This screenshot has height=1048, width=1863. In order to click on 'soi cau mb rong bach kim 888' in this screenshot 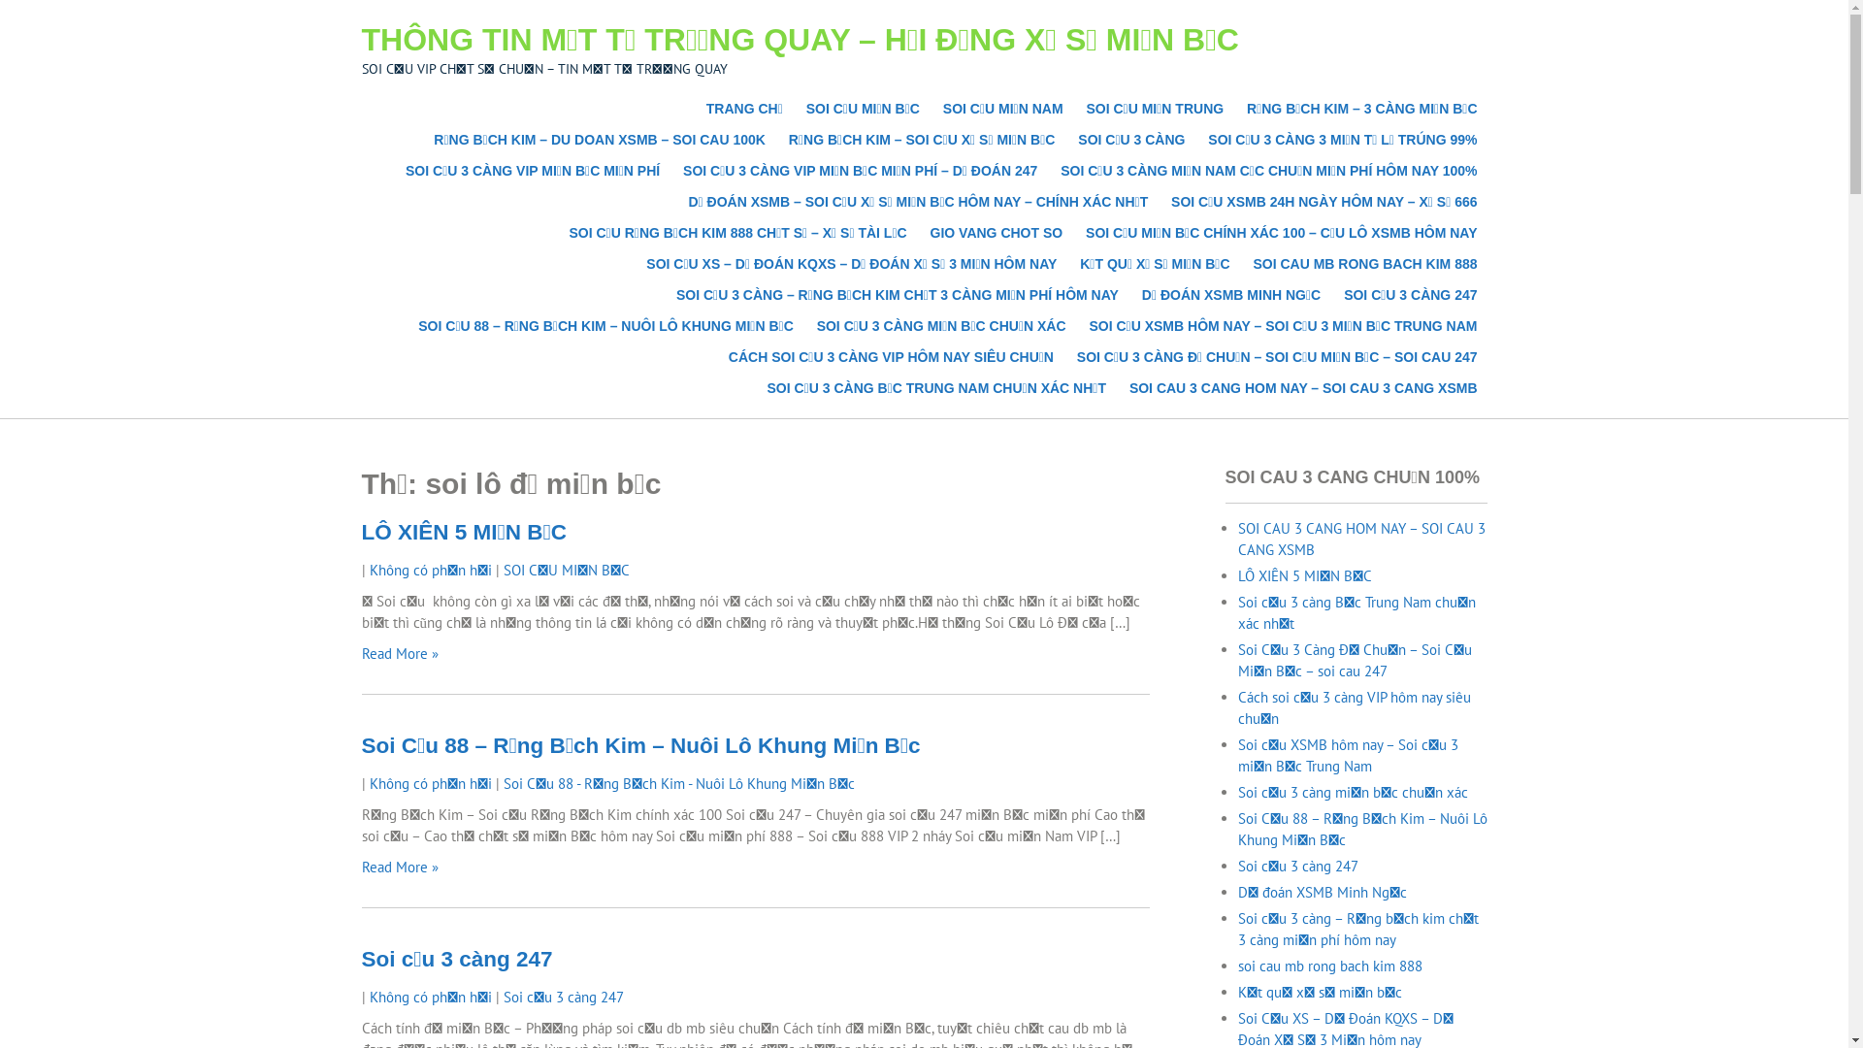, I will do `click(1329, 966)`.